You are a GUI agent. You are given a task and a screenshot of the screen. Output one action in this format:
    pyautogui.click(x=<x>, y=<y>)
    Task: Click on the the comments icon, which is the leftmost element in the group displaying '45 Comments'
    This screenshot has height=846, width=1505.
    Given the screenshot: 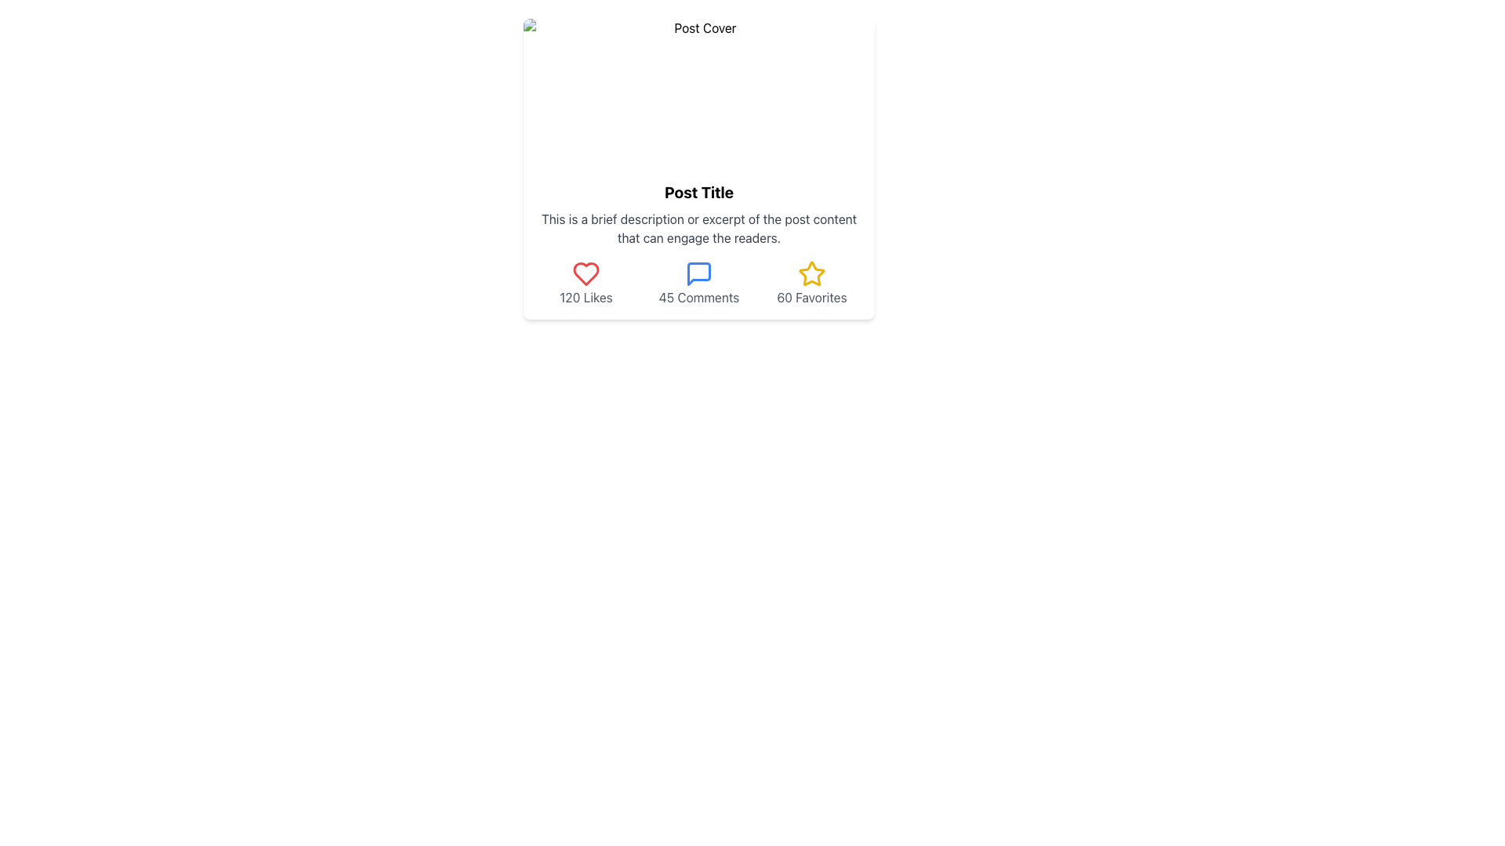 What is the action you would take?
    pyautogui.click(x=698, y=273)
    